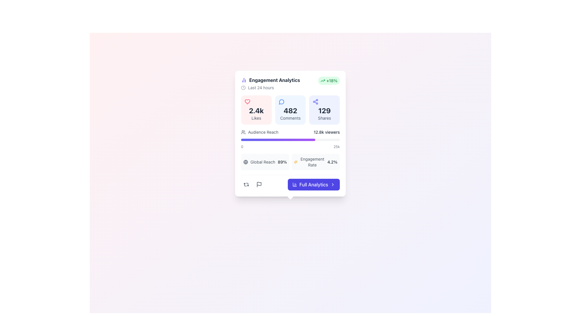 The width and height of the screenshot is (561, 316). Describe the element at coordinates (245, 162) in the screenshot. I see `the curved line forming part of the globe-like icon within the analytics card, specifically the one closer to the central vertical line` at that location.